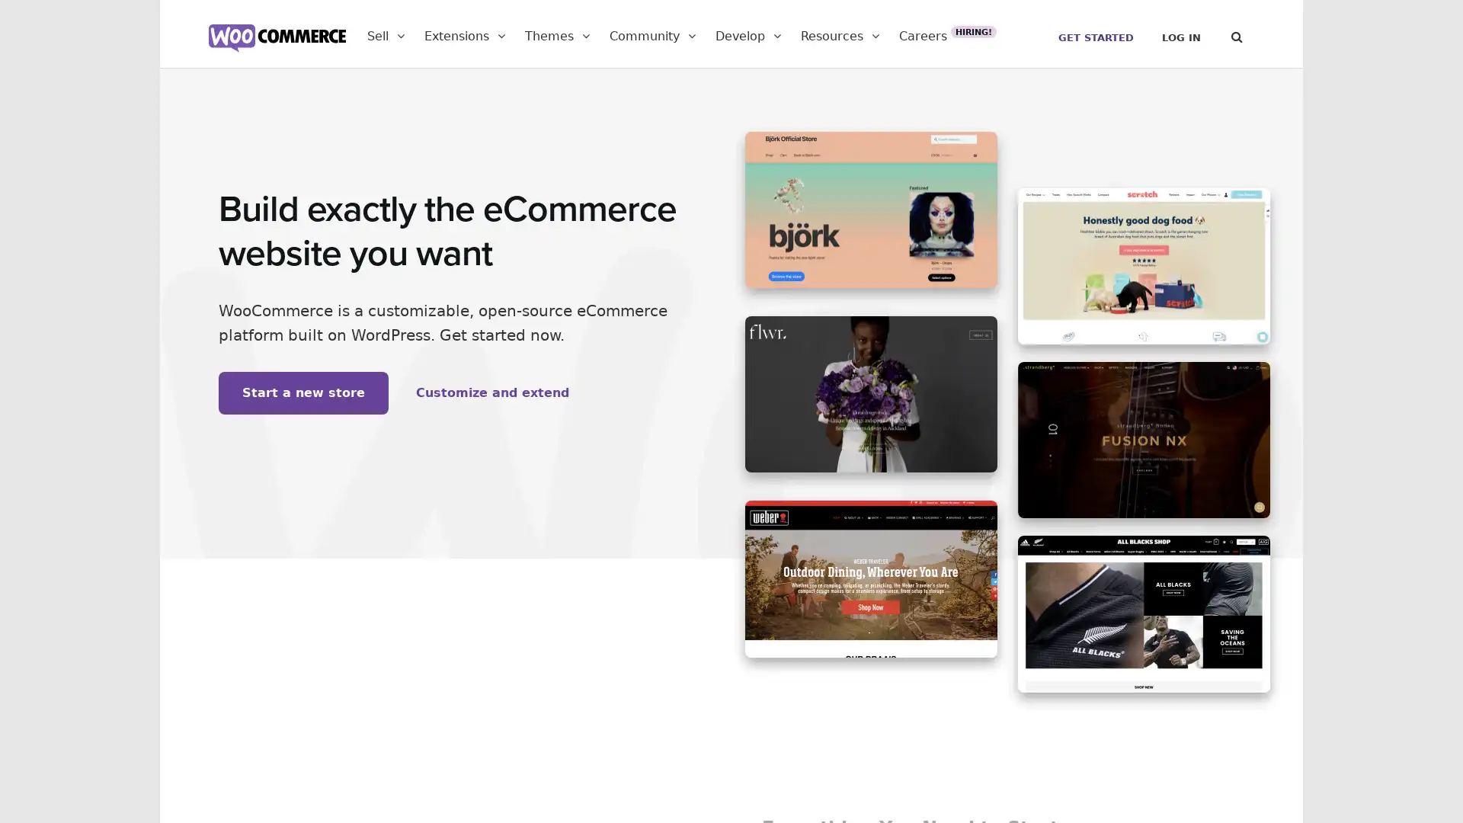  I want to click on Search, so click(1237, 37).